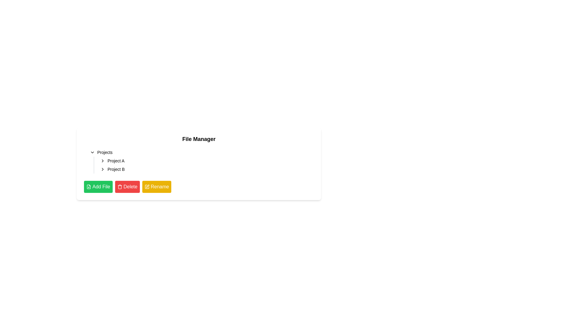 This screenshot has height=326, width=580. Describe the element at coordinates (88, 186) in the screenshot. I see `the green button labeled 'Add File'` at that location.